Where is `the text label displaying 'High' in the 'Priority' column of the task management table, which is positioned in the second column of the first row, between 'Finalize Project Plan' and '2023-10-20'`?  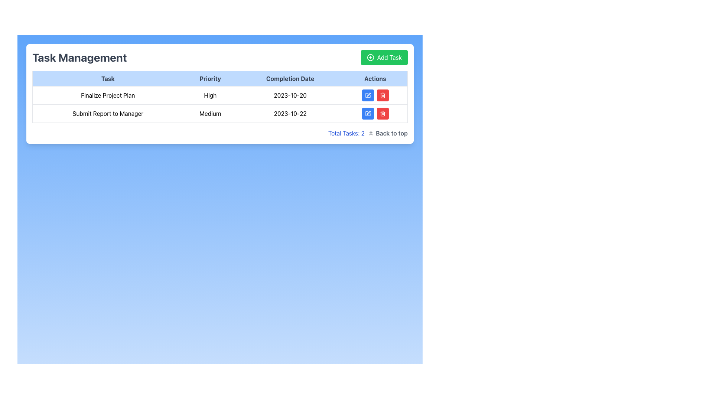
the text label displaying 'High' in the 'Priority' column of the task management table, which is positioned in the second column of the first row, between 'Finalize Project Plan' and '2023-10-20' is located at coordinates (210, 95).